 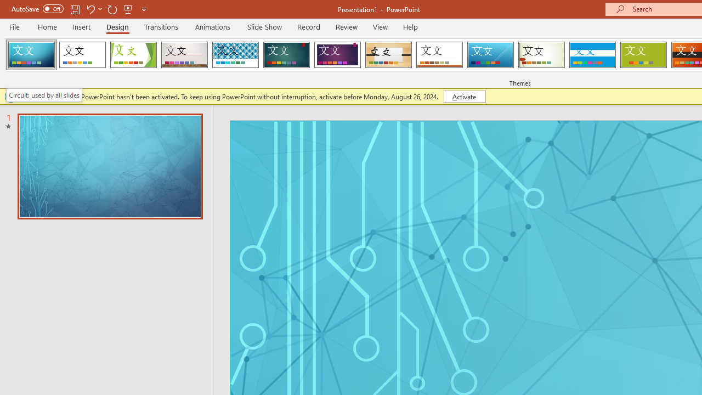 I want to click on 'Retrospect', so click(x=439, y=55).